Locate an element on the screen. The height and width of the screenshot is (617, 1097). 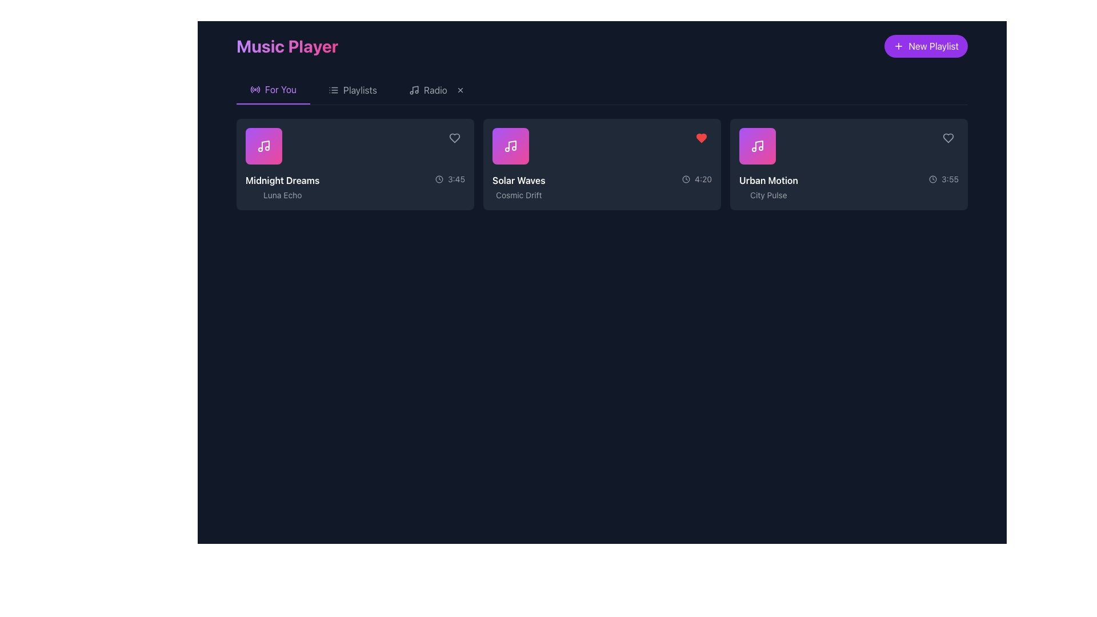
the heart-shaped icon button located in the upper-right corner of the 'Midnight Dreams' track card to favorite the item is located at coordinates (454, 138).